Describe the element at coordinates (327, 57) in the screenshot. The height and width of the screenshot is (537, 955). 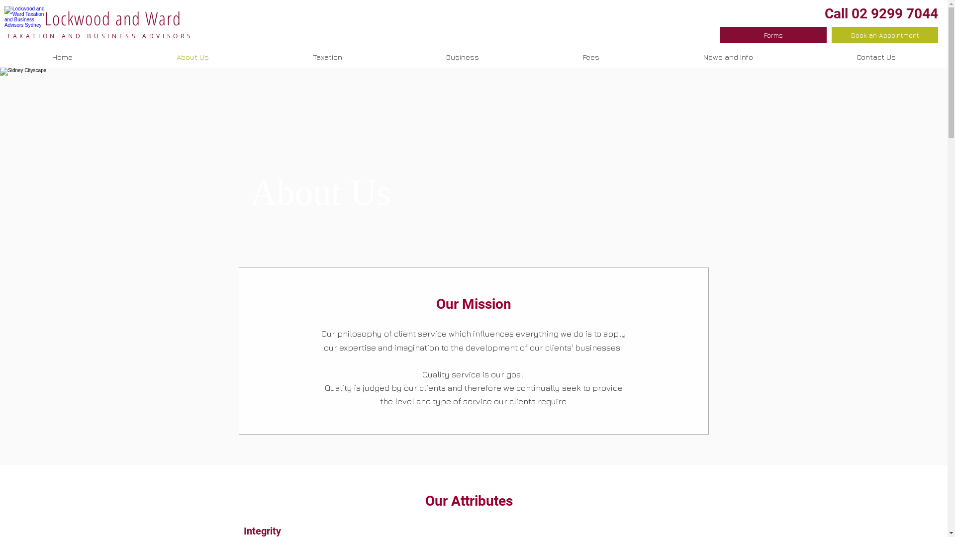
I see `'Taxation'` at that location.